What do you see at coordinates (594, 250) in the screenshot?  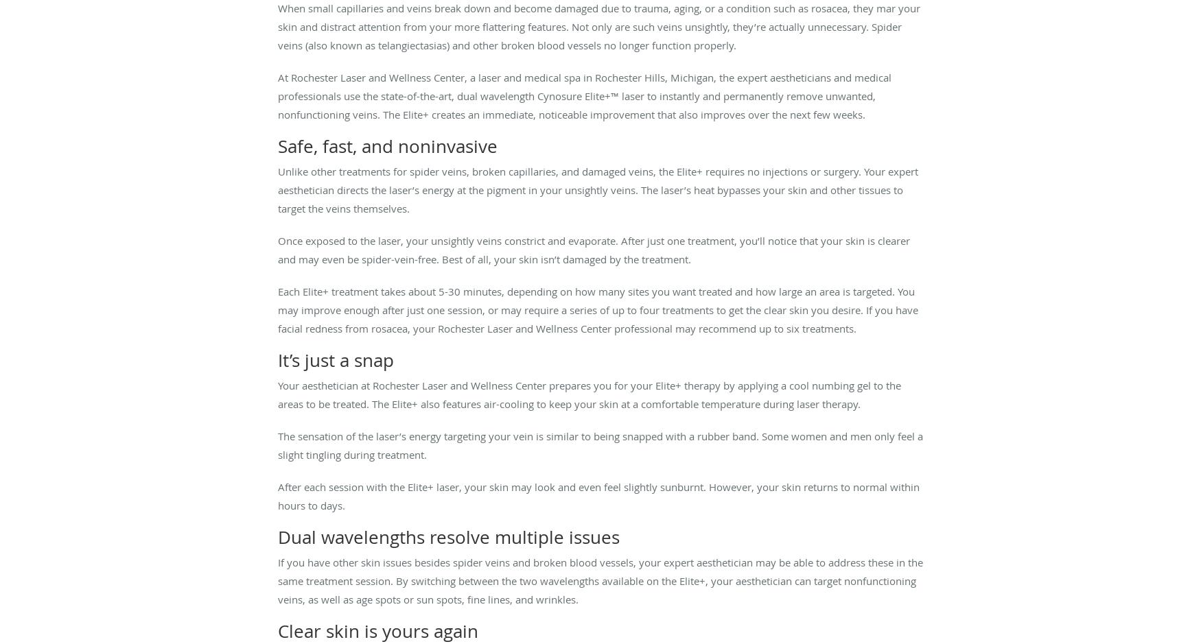 I see `'Once exposed to the laser, your unsightly veins constrict and evaporate. After just one treatment, you’ll notice that your skin is clearer and may even be spider-vein-free. Best of all, your skin isn’t damaged by the treatment.'` at bounding box center [594, 250].